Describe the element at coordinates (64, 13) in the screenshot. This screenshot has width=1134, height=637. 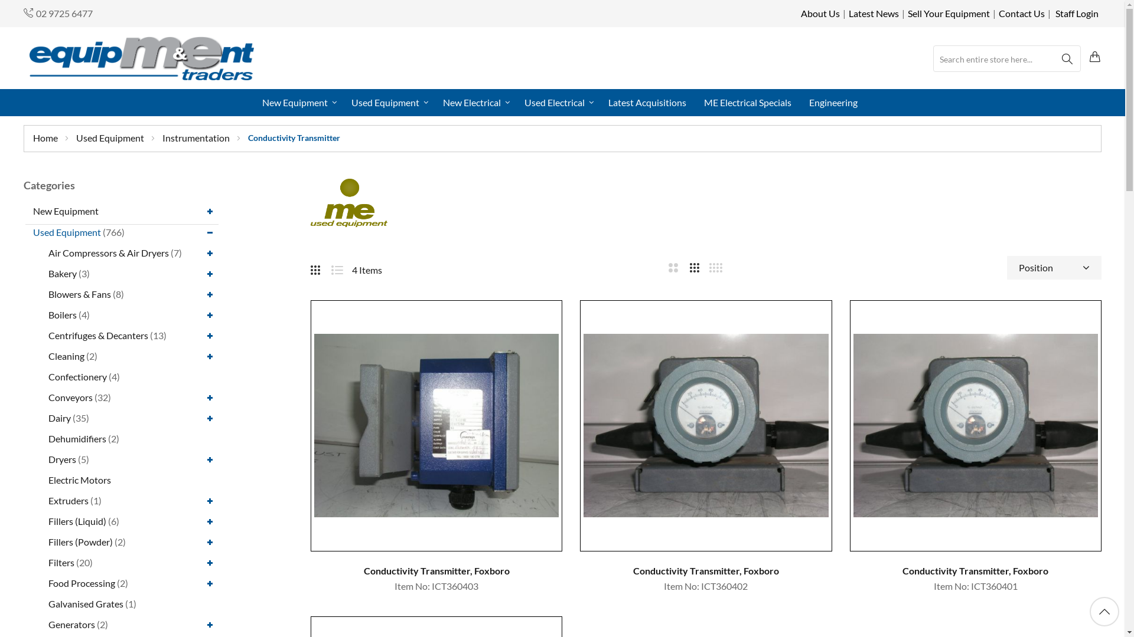
I see `'02 9725 6477'` at that location.